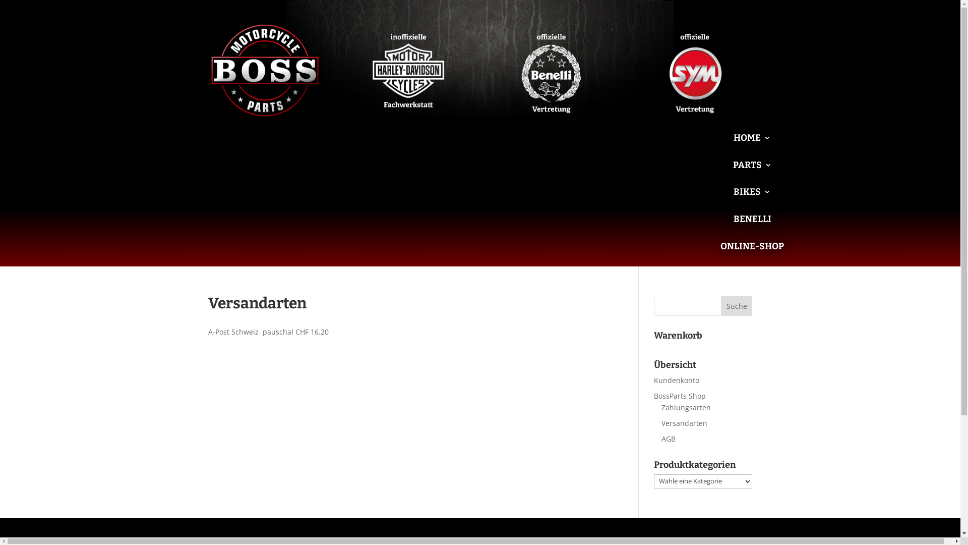 The image size is (968, 545). What do you see at coordinates (408, 70) in the screenshot?
I see `'logo-header-harley'` at bounding box center [408, 70].